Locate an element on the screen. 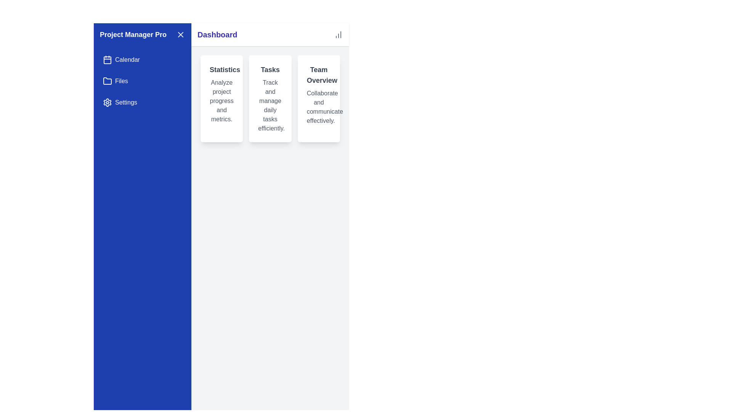  the Information card, which is the second card in a three-card layout between 'Statistics' and 'Team Overview' is located at coordinates (270, 98).